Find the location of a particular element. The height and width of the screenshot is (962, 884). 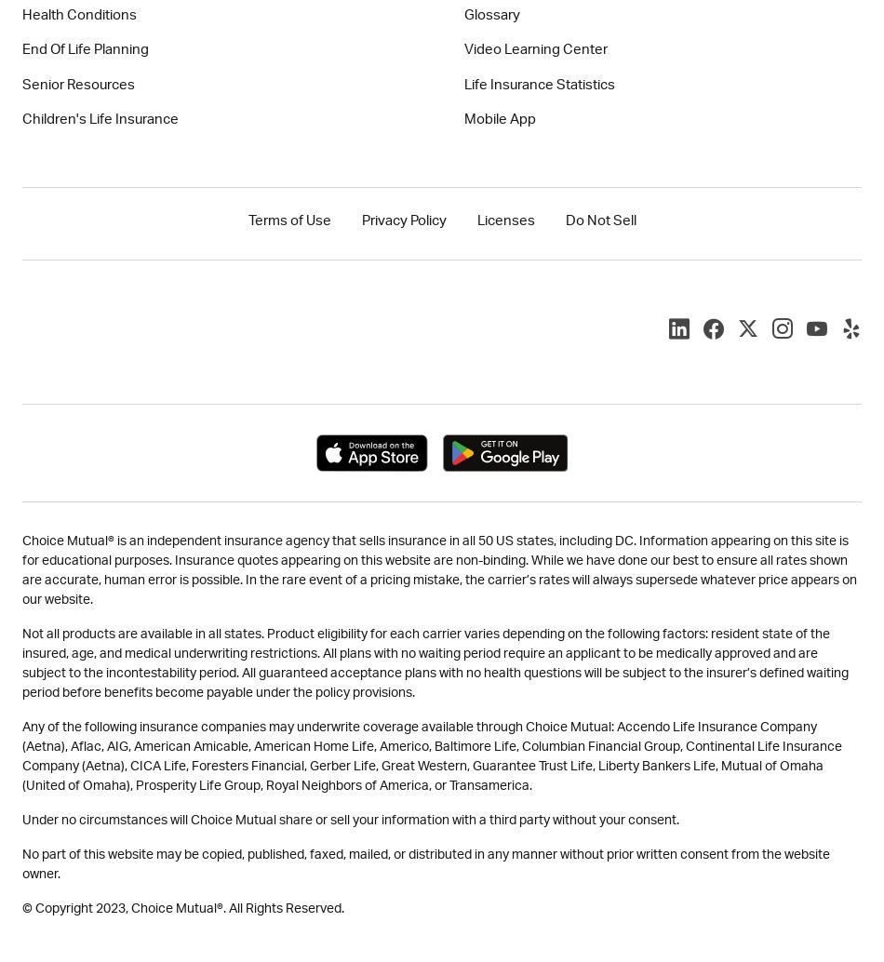

'Licenses' is located at coordinates (505, 220).